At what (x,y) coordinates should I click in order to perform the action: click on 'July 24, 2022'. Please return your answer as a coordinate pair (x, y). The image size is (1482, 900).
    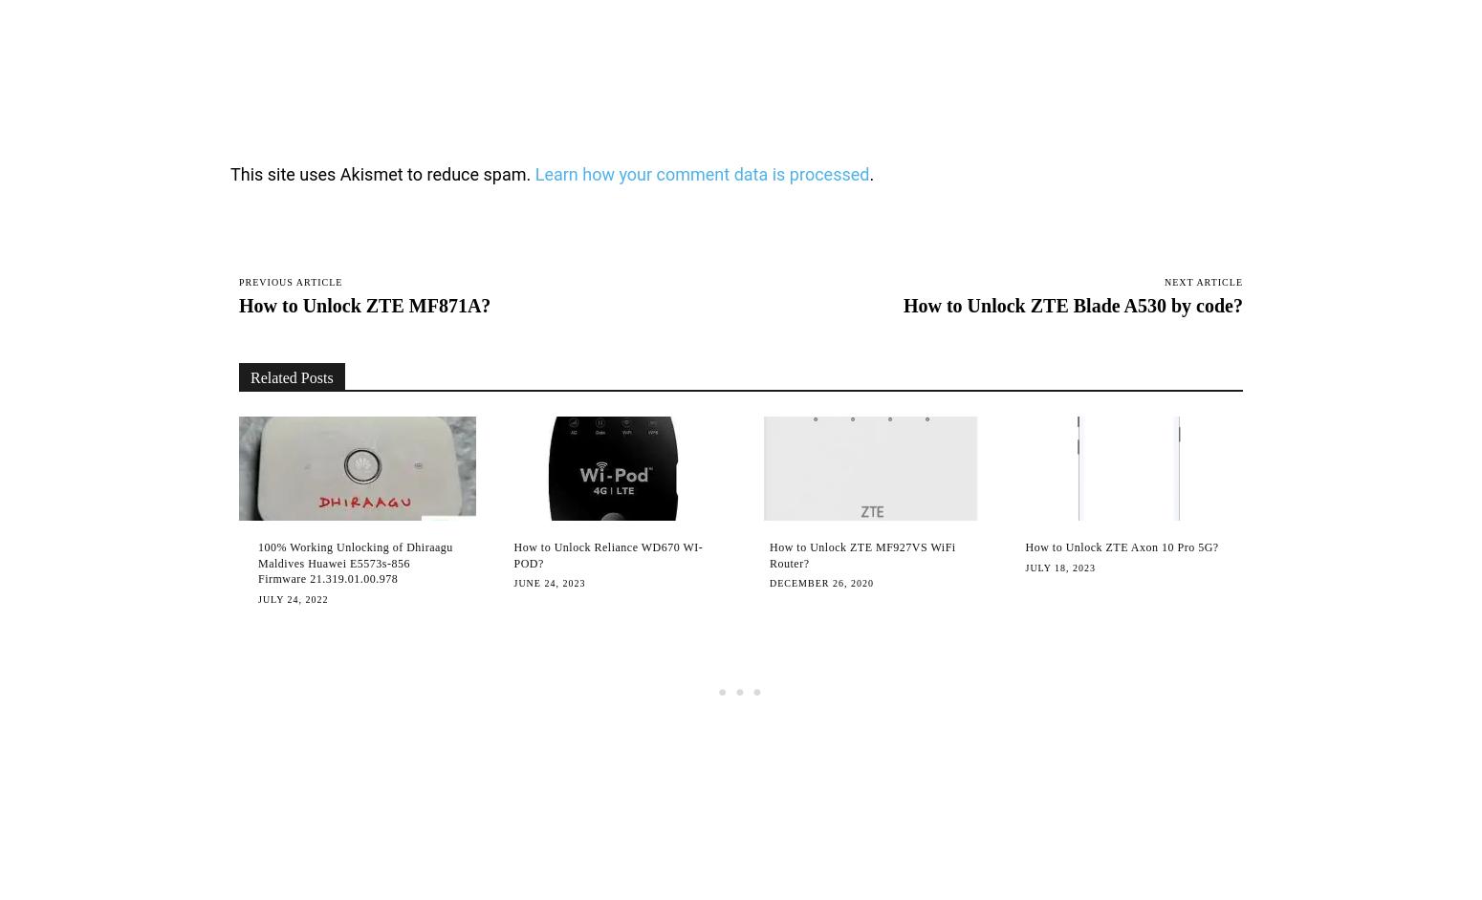
    Looking at the image, I should click on (293, 598).